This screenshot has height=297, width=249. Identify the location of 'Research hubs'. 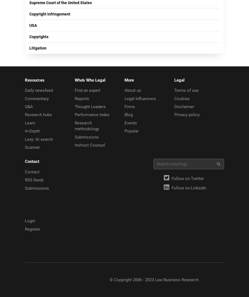
(38, 114).